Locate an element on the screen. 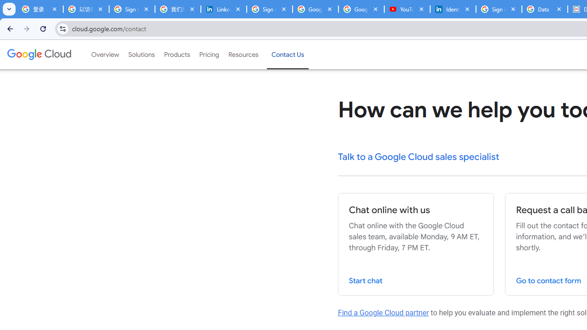 This screenshot has width=587, height=330. 'Sign in - Google Accounts' is located at coordinates (498, 9).